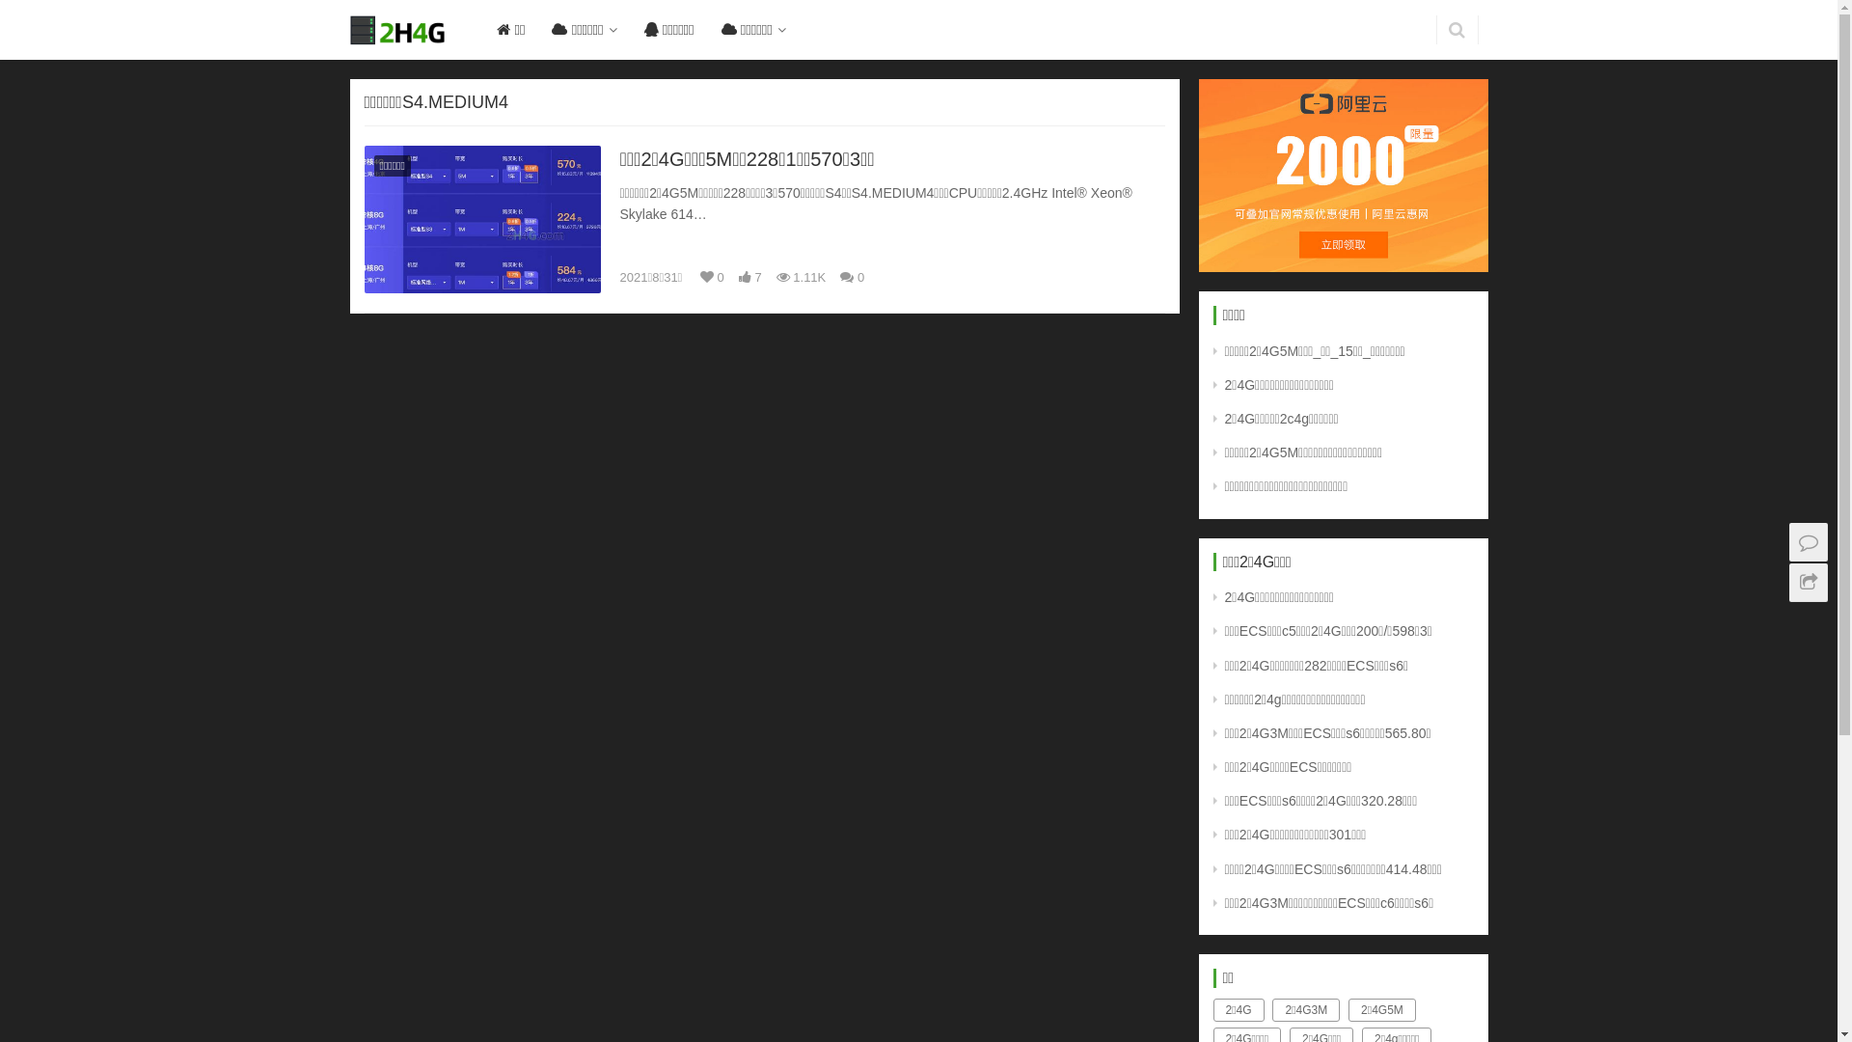 This screenshot has width=1852, height=1042. Describe the element at coordinates (851, 278) in the screenshot. I see `'0'` at that location.